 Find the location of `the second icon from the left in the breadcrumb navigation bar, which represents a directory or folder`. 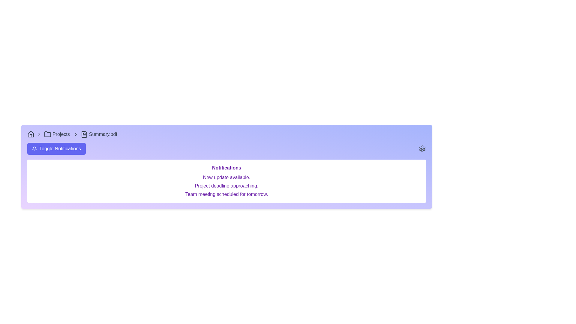

the second icon from the left in the breadcrumb navigation bar, which represents a directory or folder is located at coordinates (47, 134).